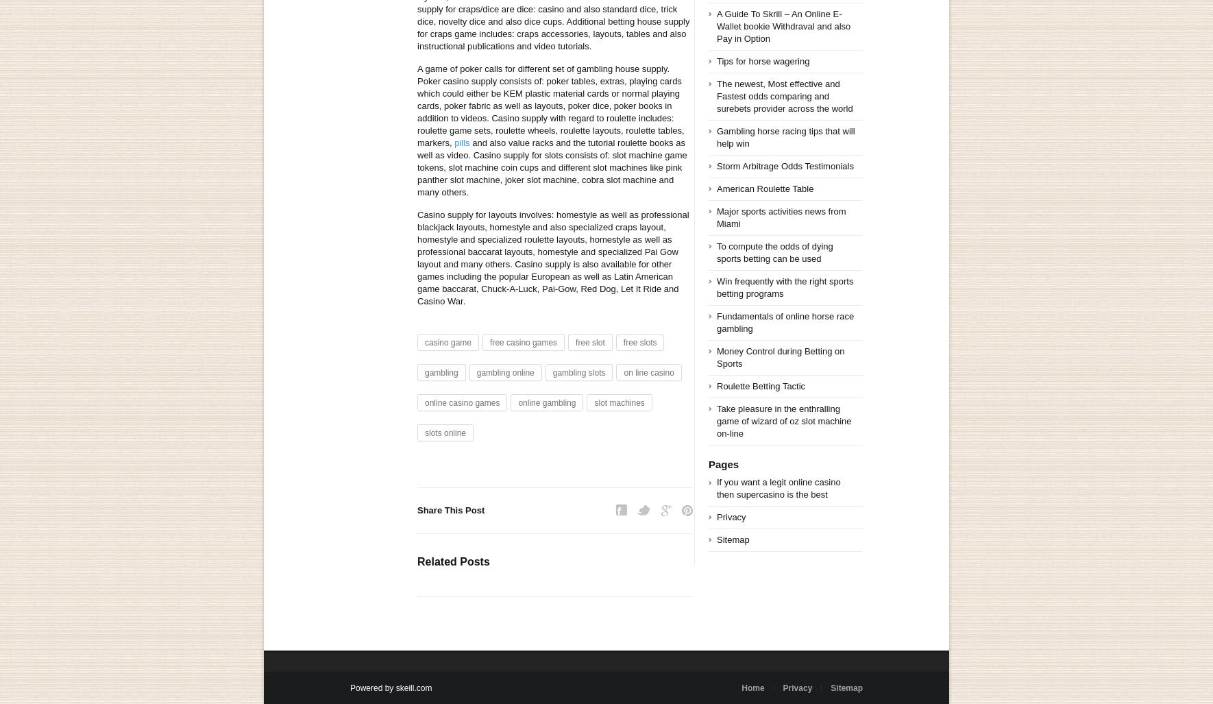 Image resolution: width=1213 pixels, height=704 pixels. Describe the element at coordinates (778, 487) in the screenshot. I see `'If you want a legit online casino then supercasino is the best'` at that location.